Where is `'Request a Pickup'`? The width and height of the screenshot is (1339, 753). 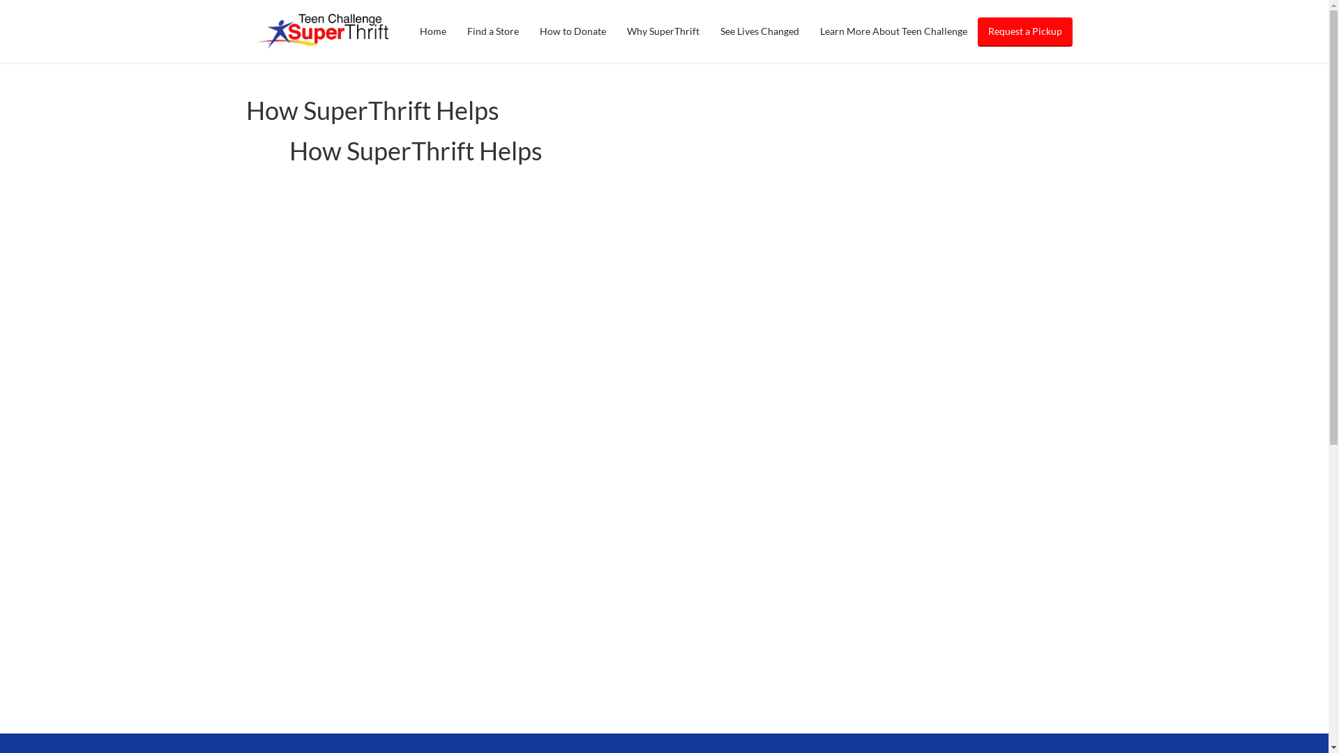
'Request a Pickup' is located at coordinates (976, 31).